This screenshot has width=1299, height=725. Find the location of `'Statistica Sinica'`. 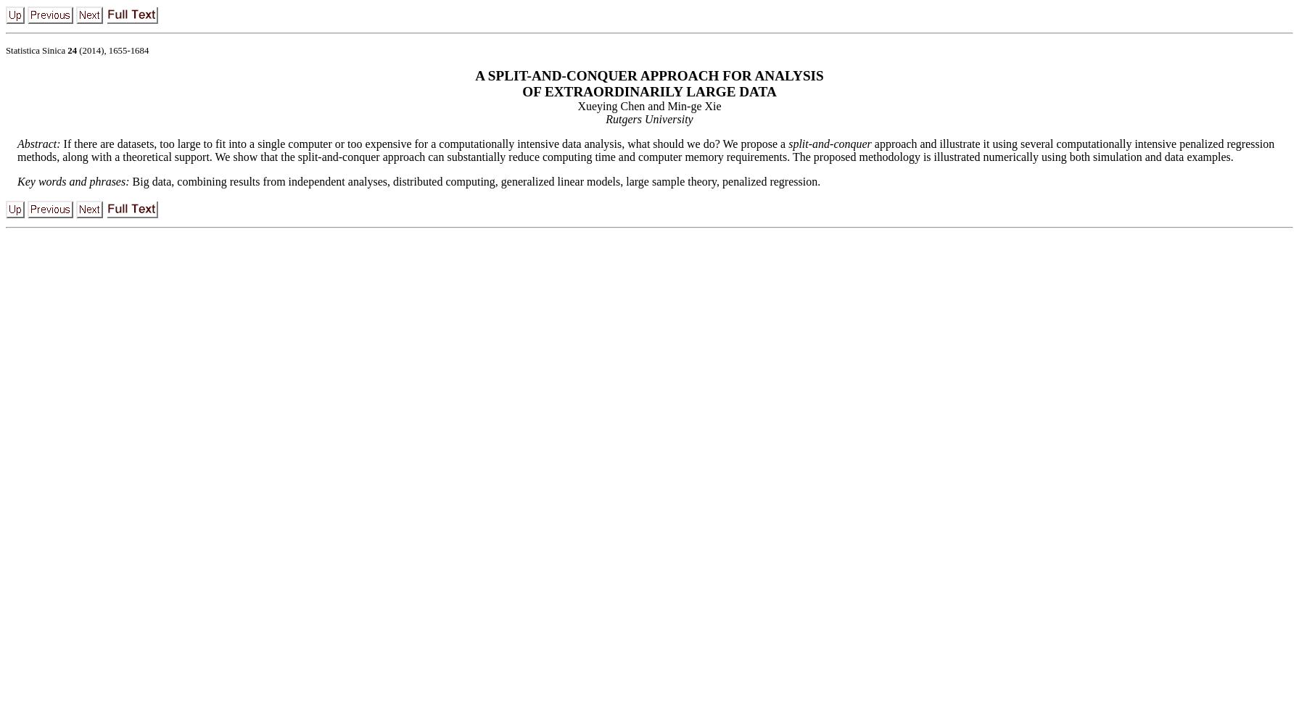

'Statistica Sinica' is located at coordinates (36, 50).